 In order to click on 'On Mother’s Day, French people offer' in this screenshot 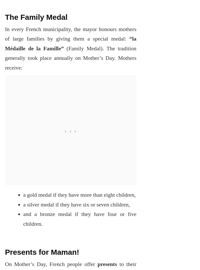, I will do `click(50, 263)`.